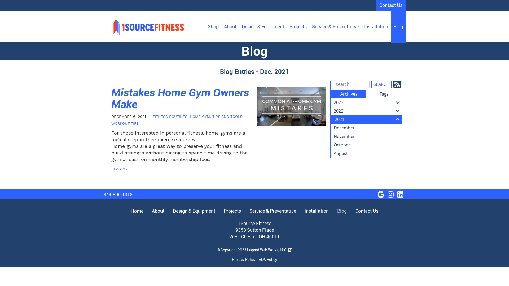 The width and height of the screenshot is (509, 286). What do you see at coordinates (349, 93) in the screenshot?
I see `'Archives'` at bounding box center [349, 93].